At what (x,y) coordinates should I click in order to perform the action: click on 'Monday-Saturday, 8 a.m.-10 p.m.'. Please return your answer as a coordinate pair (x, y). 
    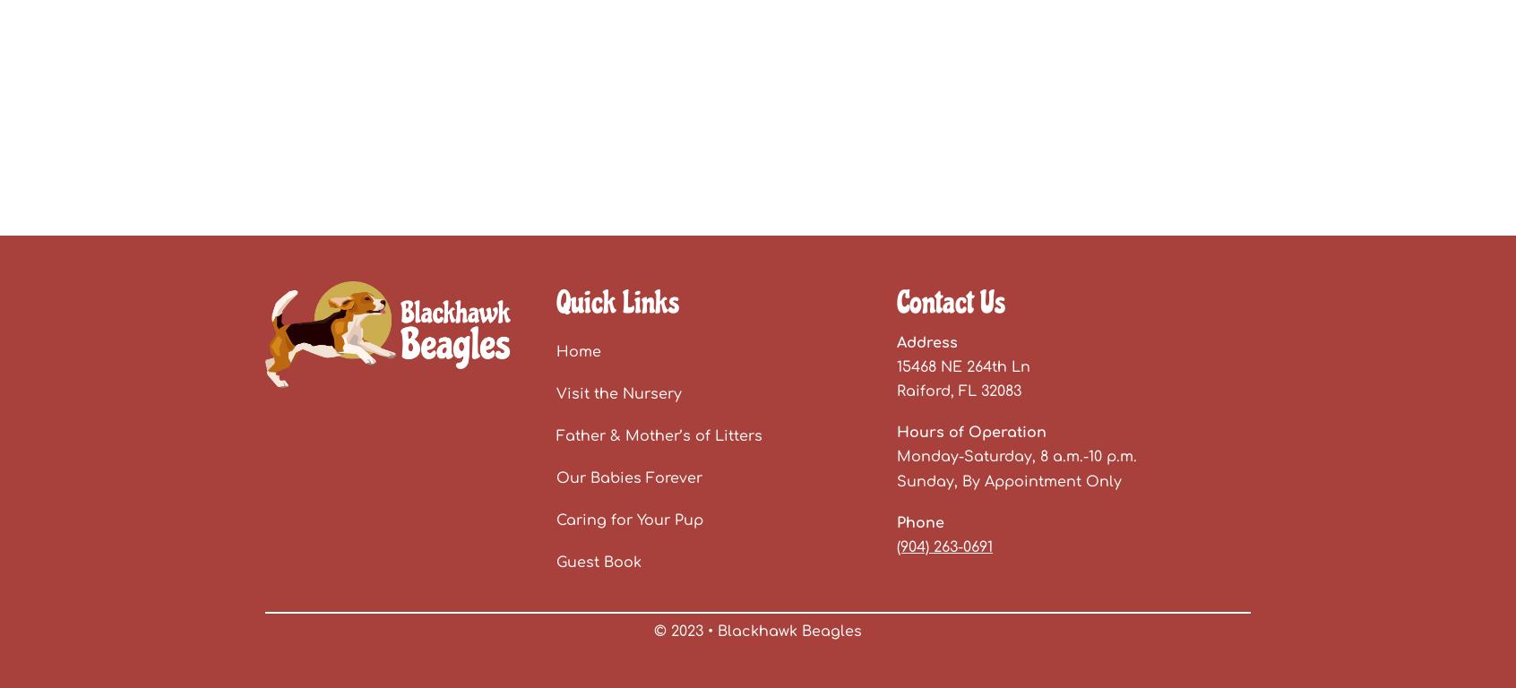
    Looking at the image, I should click on (895, 457).